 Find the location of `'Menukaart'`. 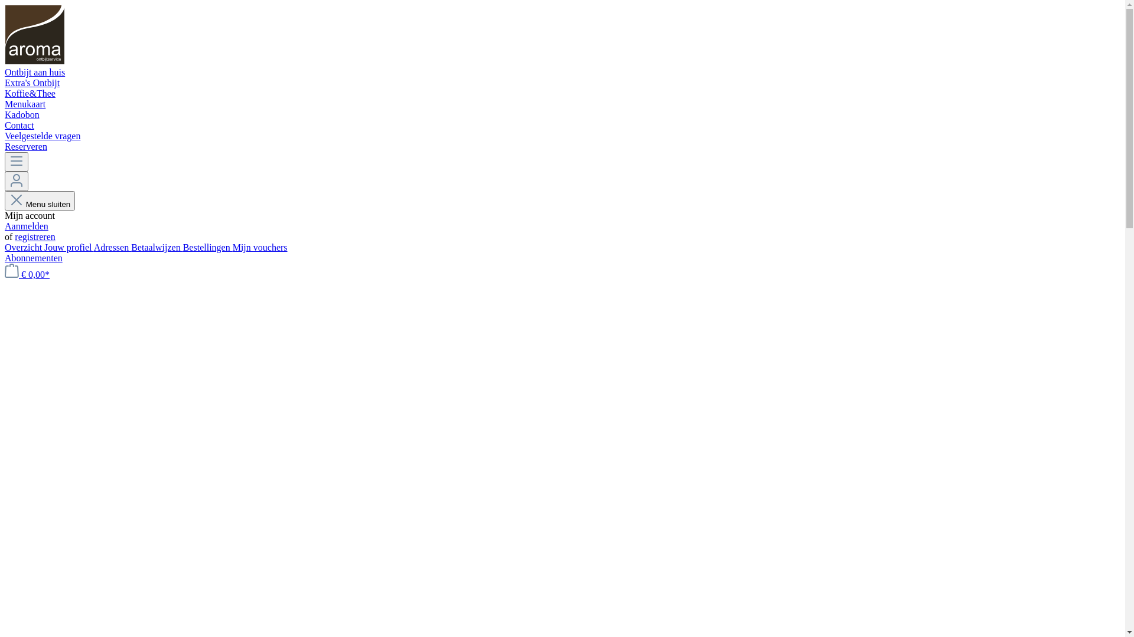

'Menukaart' is located at coordinates (5, 104).